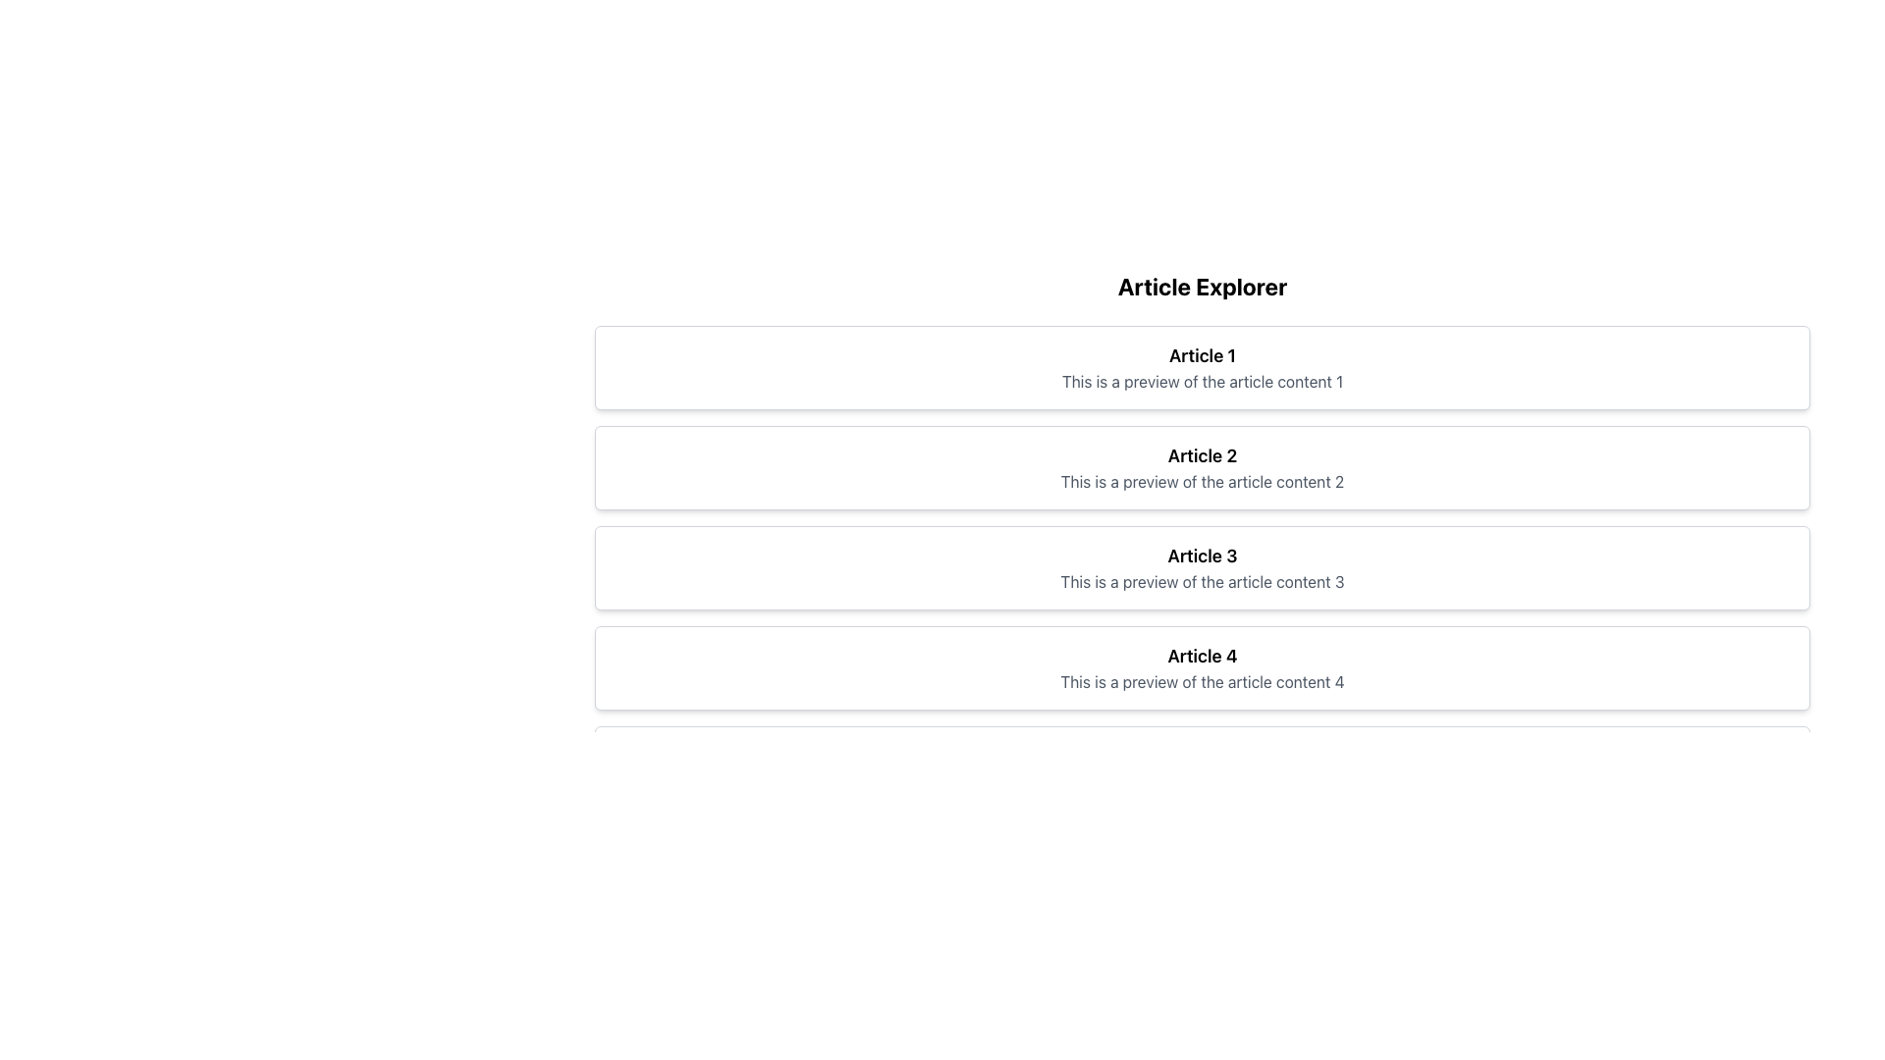  Describe the element at coordinates (1201, 287) in the screenshot. I see `text from the Text Label that serves as the header for the content section above the list of articles` at that location.